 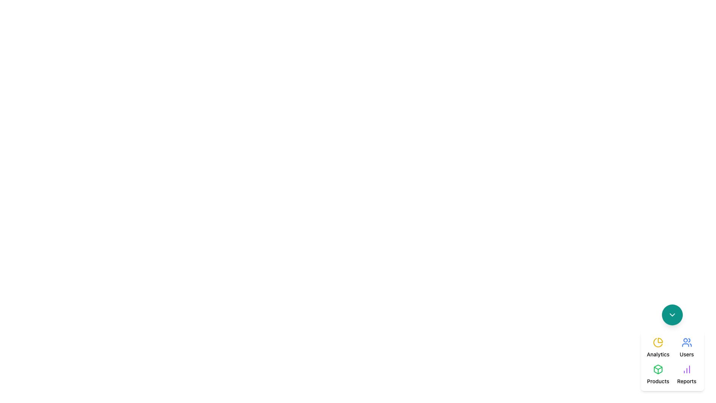 I want to click on the 'Analytics' text label located directly below the yellow pie chart icon in the lower-right corner of the viewport, so click(x=658, y=354).